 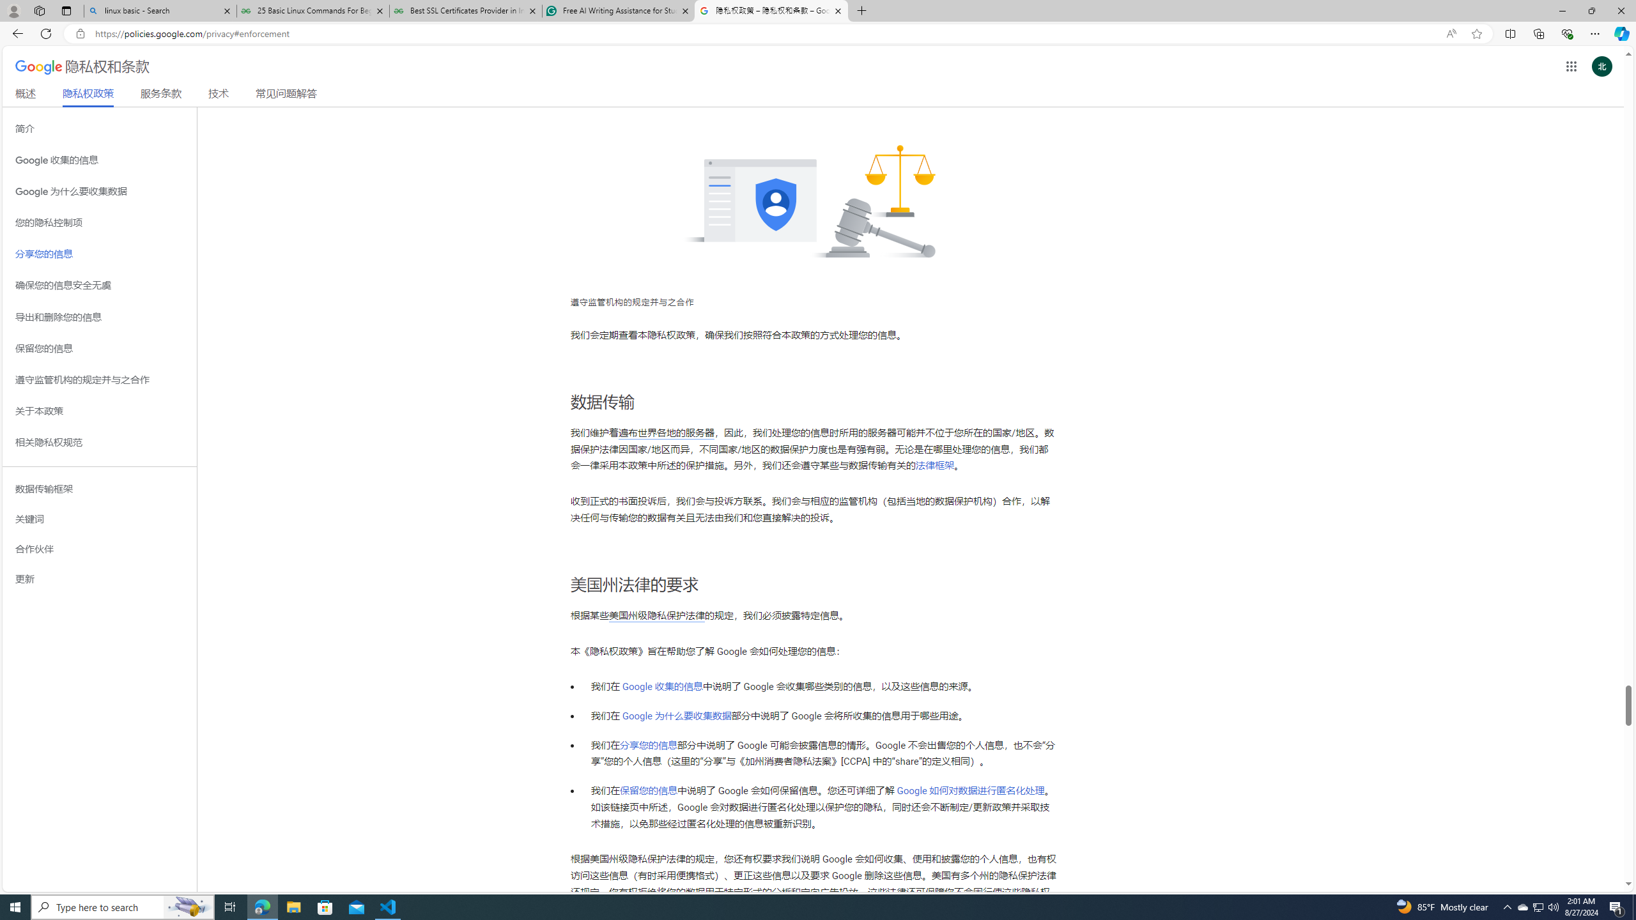 What do you see at coordinates (159, 10) in the screenshot?
I see `'linux basic - Search'` at bounding box center [159, 10].